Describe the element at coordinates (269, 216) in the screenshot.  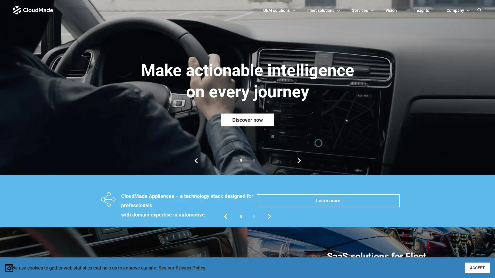
I see `Next` at that location.